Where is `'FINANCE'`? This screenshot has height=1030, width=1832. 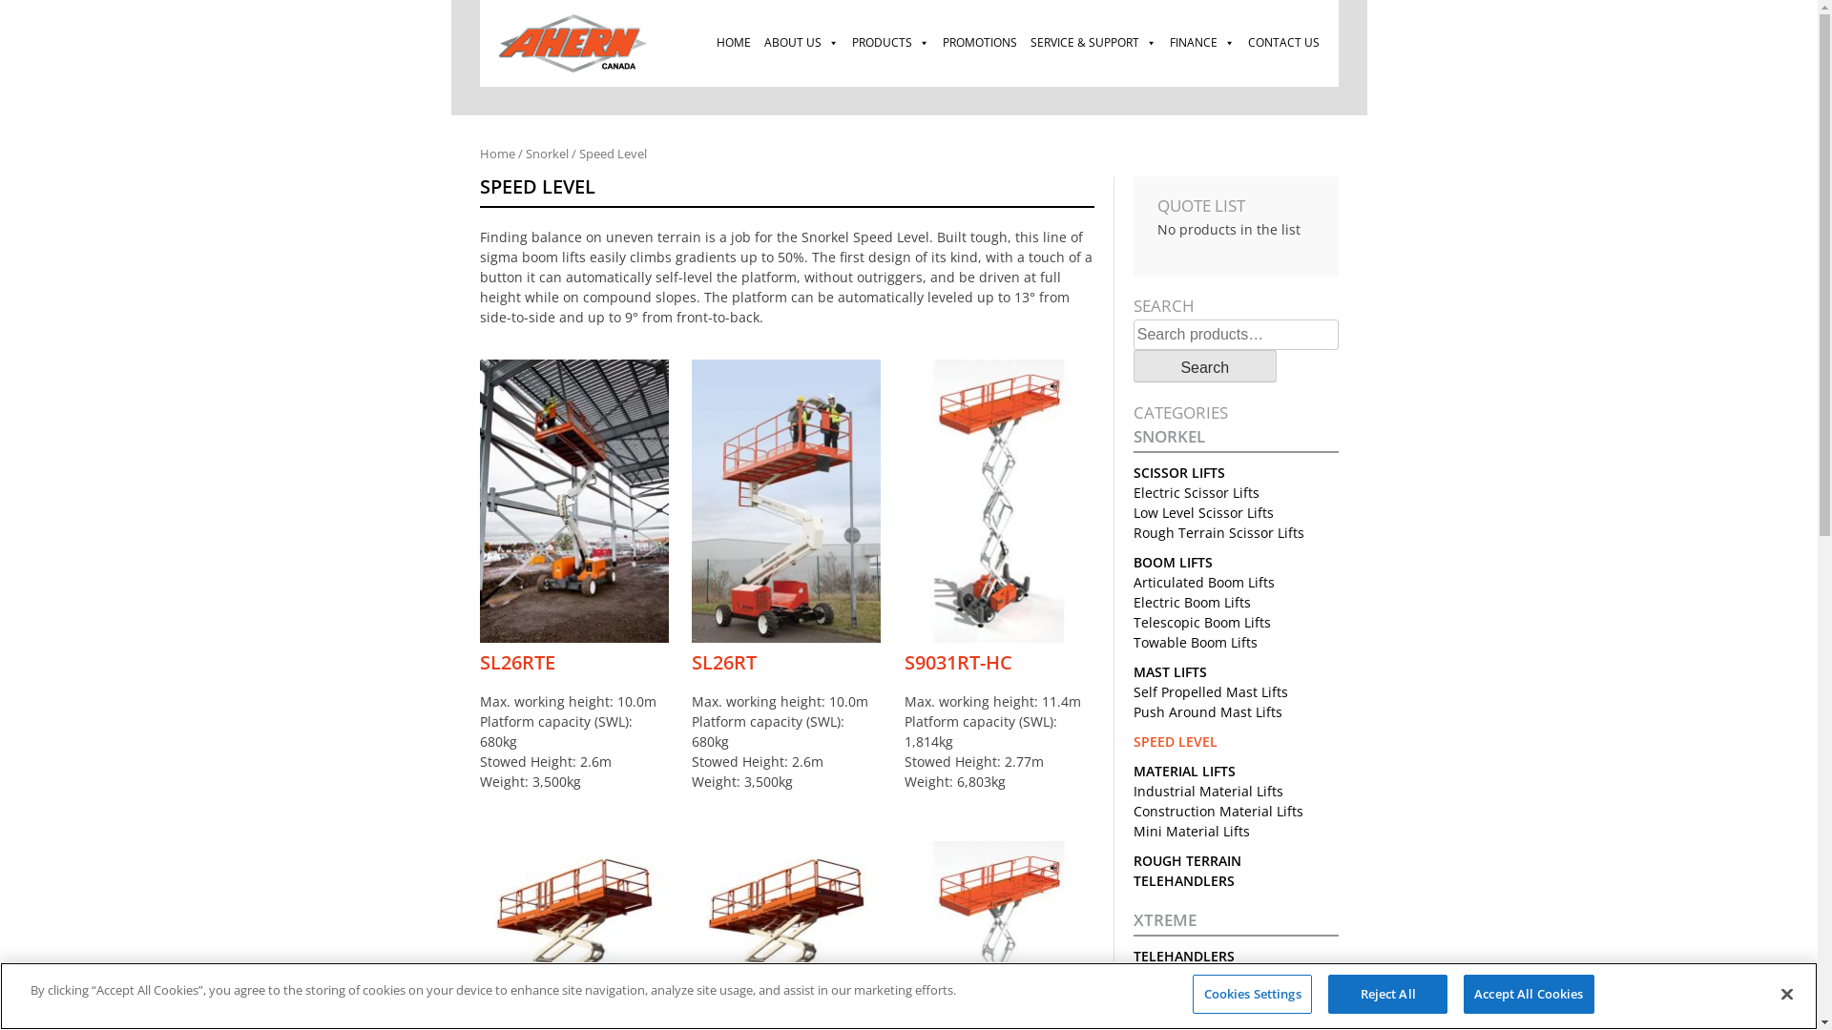
'FINANCE' is located at coordinates (1161, 43).